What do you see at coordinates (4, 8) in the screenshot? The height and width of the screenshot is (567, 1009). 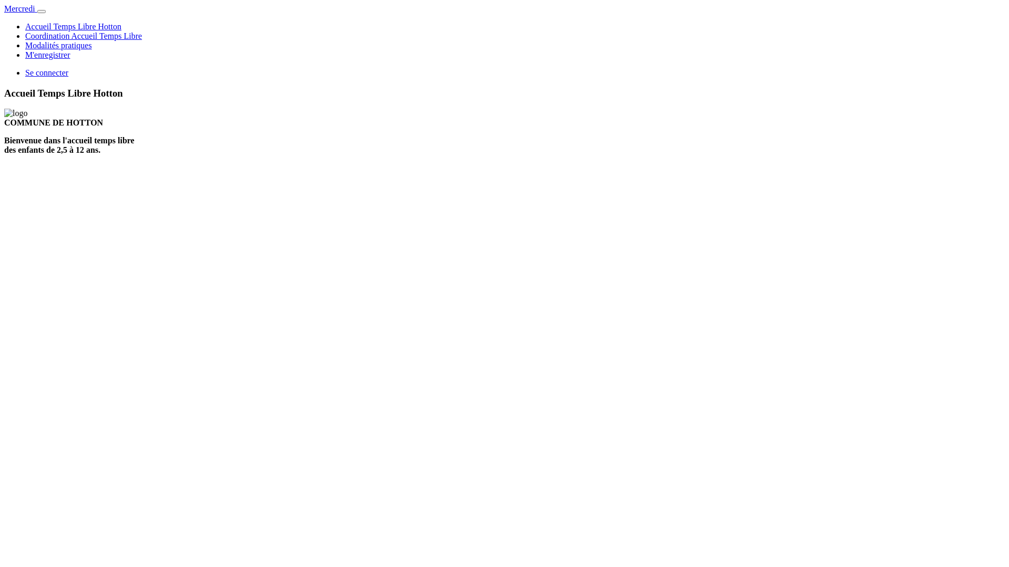 I see `'Mercredi'` at bounding box center [4, 8].